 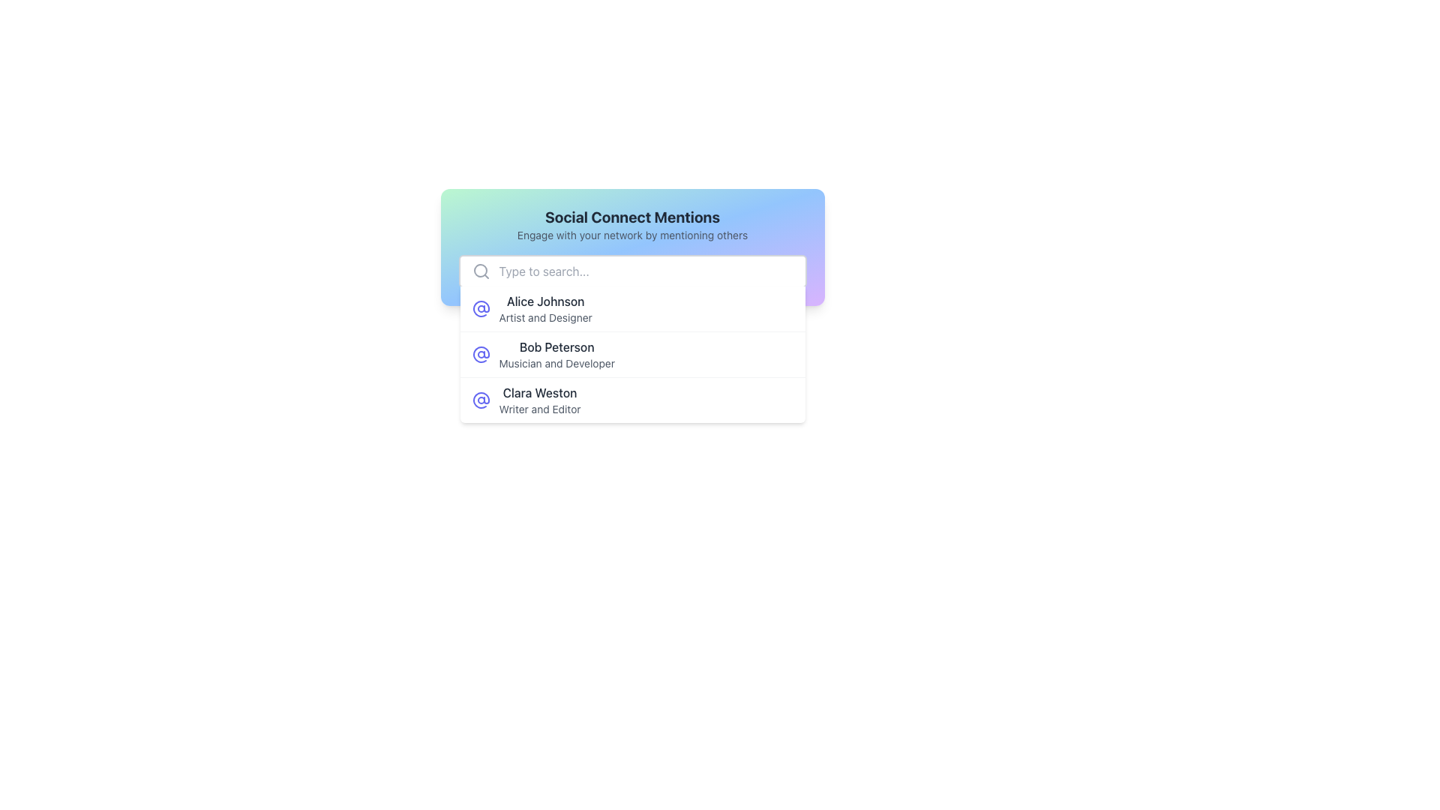 I want to click on the search bar interface located at the top of the list component, which features a magnifying glass icon and a placeholder text 'Type, so click(x=632, y=271).